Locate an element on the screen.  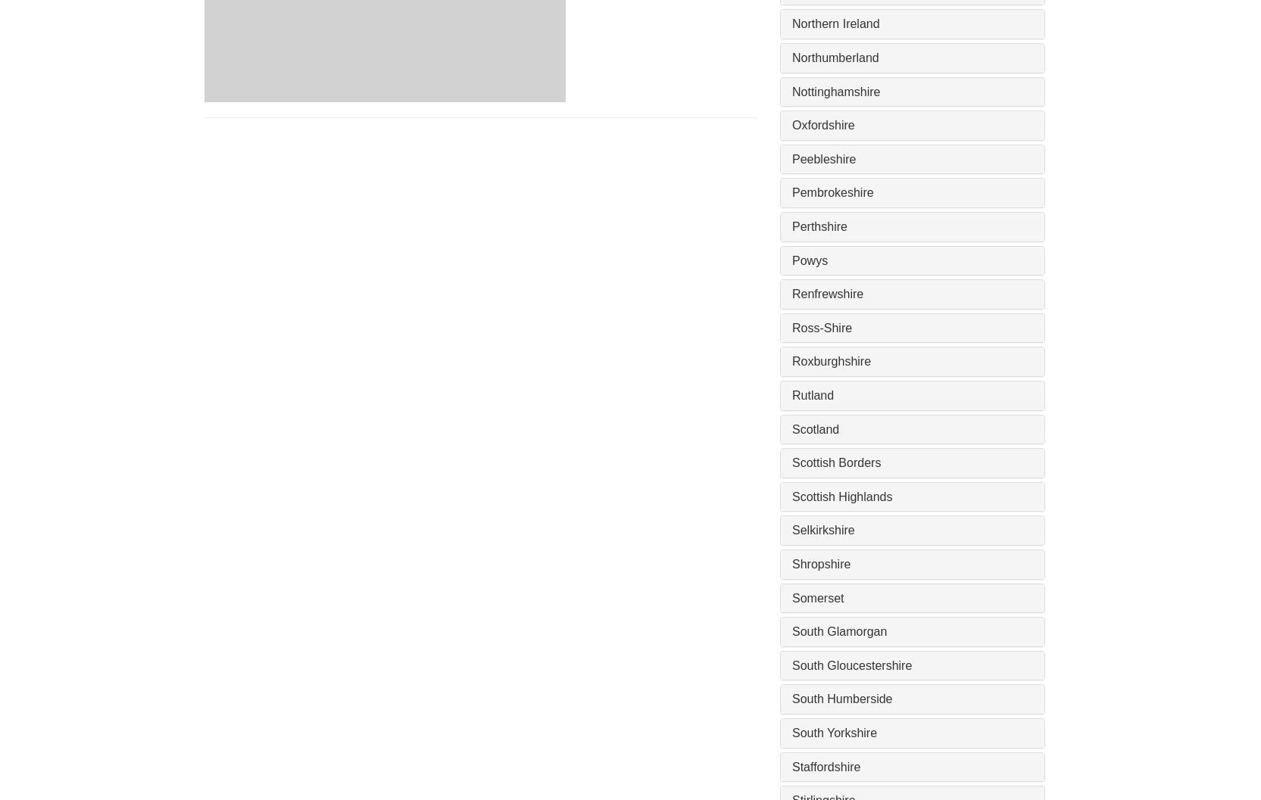
'South Glamorgan' is located at coordinates (839, 630).